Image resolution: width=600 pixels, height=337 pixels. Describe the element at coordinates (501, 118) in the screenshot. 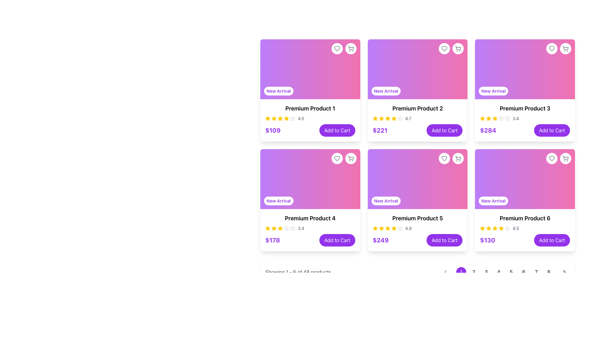

I see `the third star icon in the rating system for the product labeled 'Premium Product 3' to interact with the rating system` at that location.